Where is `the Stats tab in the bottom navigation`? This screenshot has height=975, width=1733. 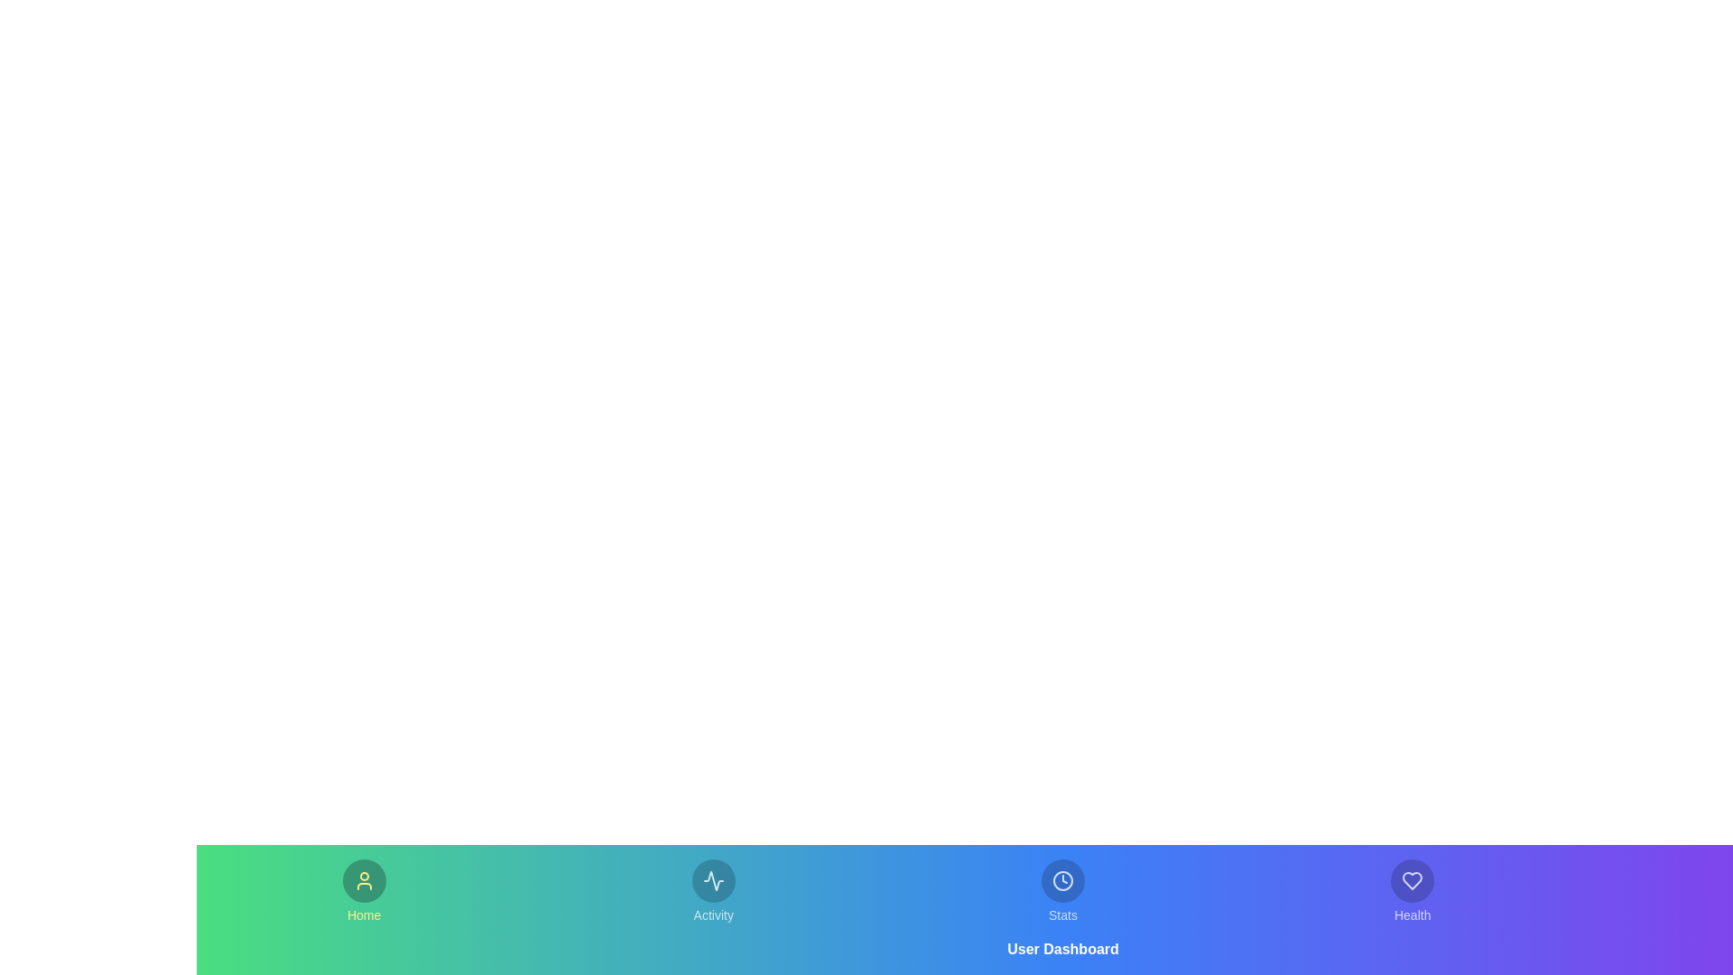
the Stats tab in the bottom navigation is located at coordinates (1062, 890).